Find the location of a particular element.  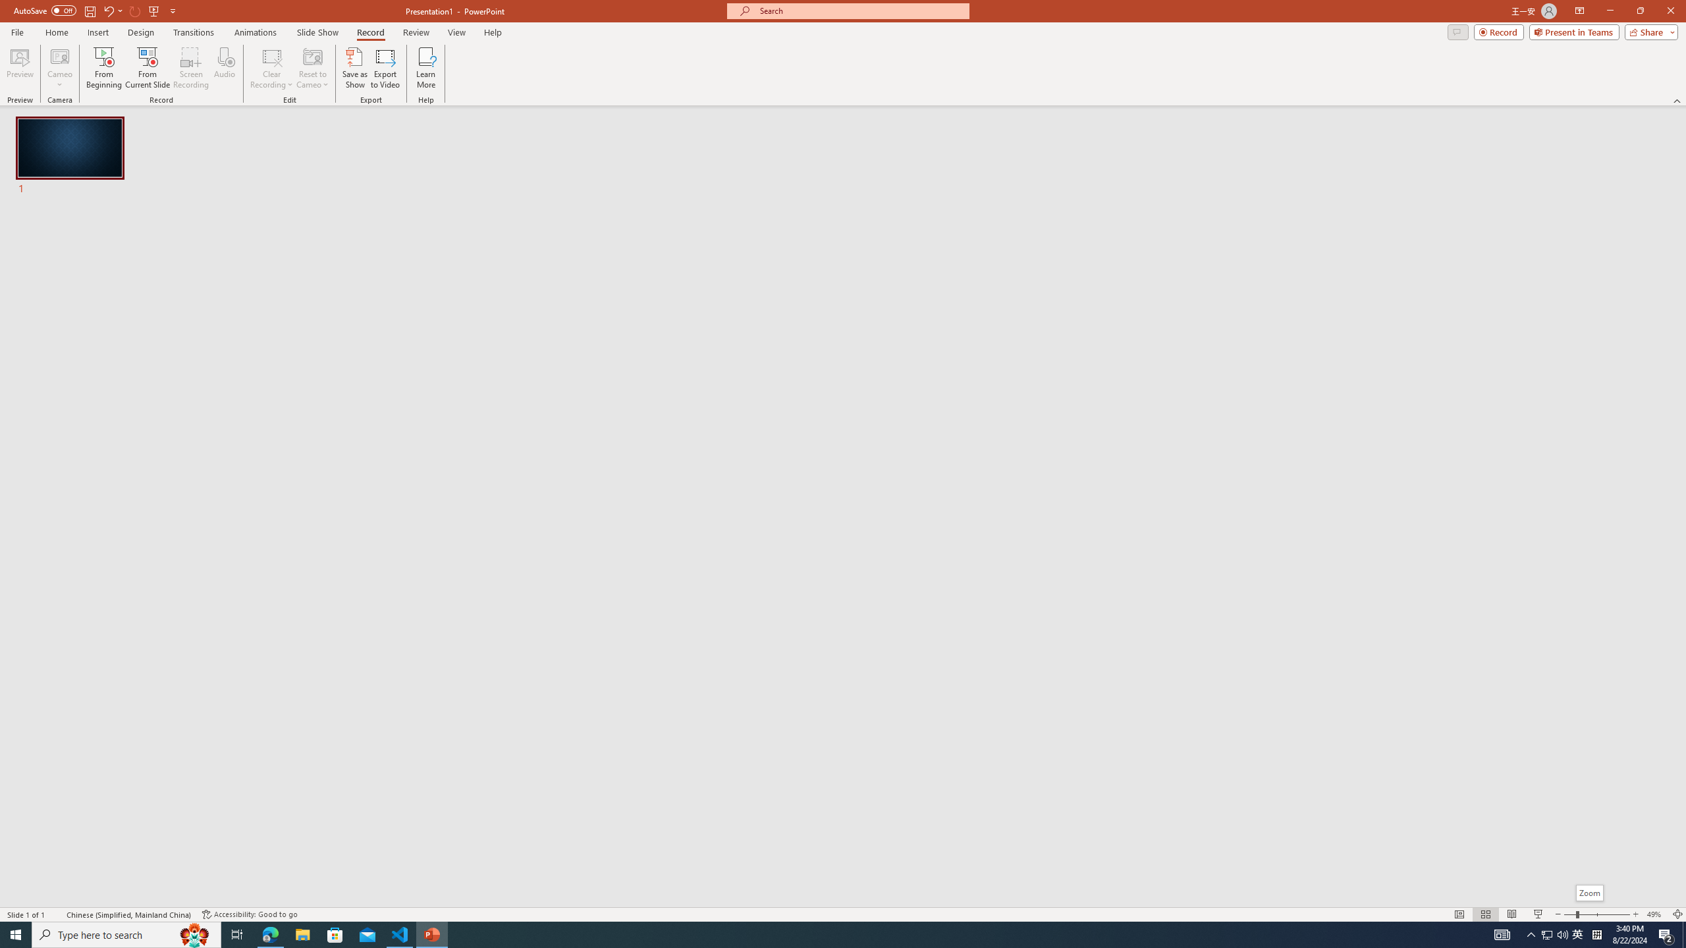

'Spell Check ' is located at coordinates (57, 914).